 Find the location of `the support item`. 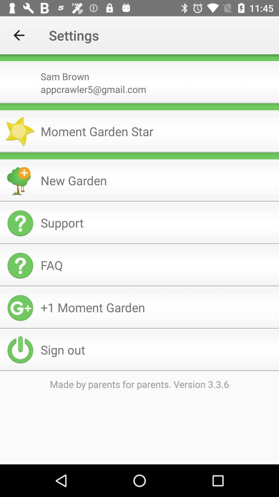

the support item is located at coordinates (157, 223).